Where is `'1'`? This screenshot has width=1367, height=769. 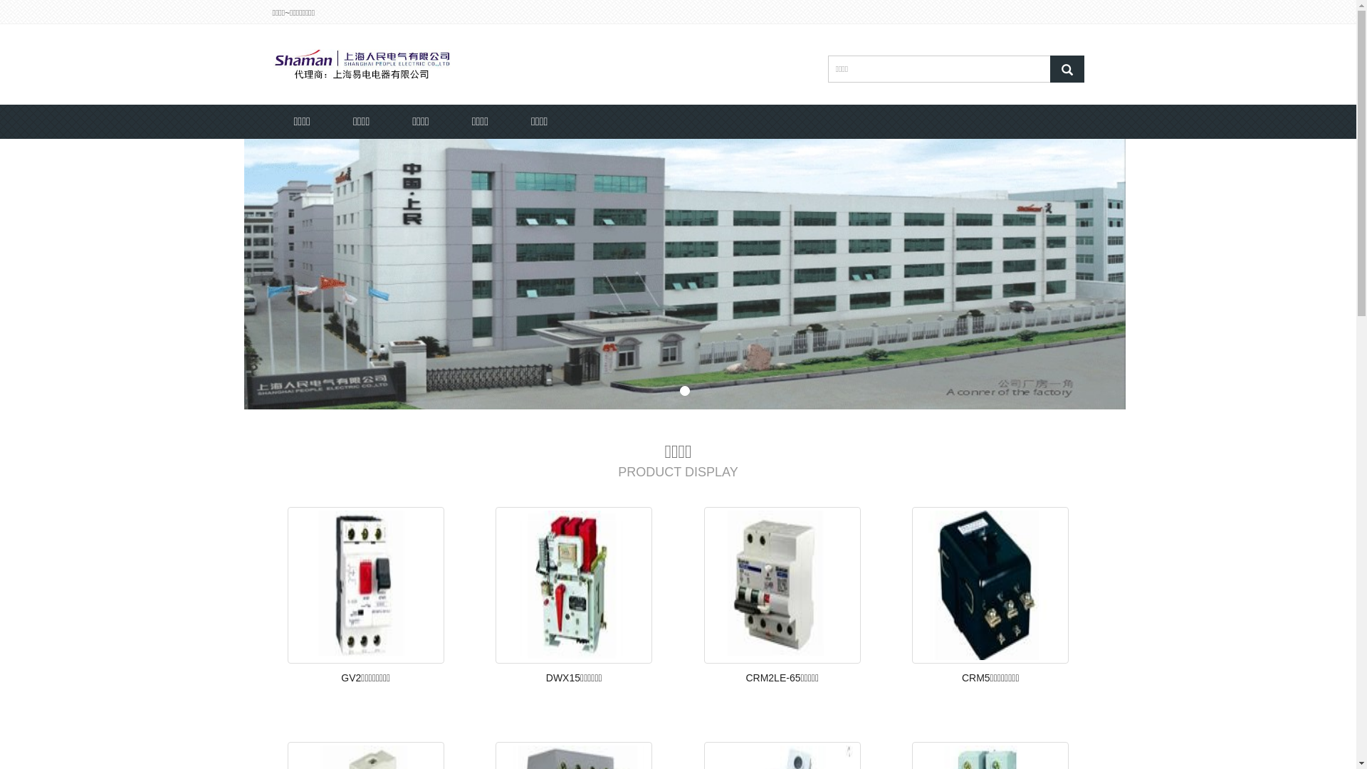 '1' is located at coordinates (684, 390).